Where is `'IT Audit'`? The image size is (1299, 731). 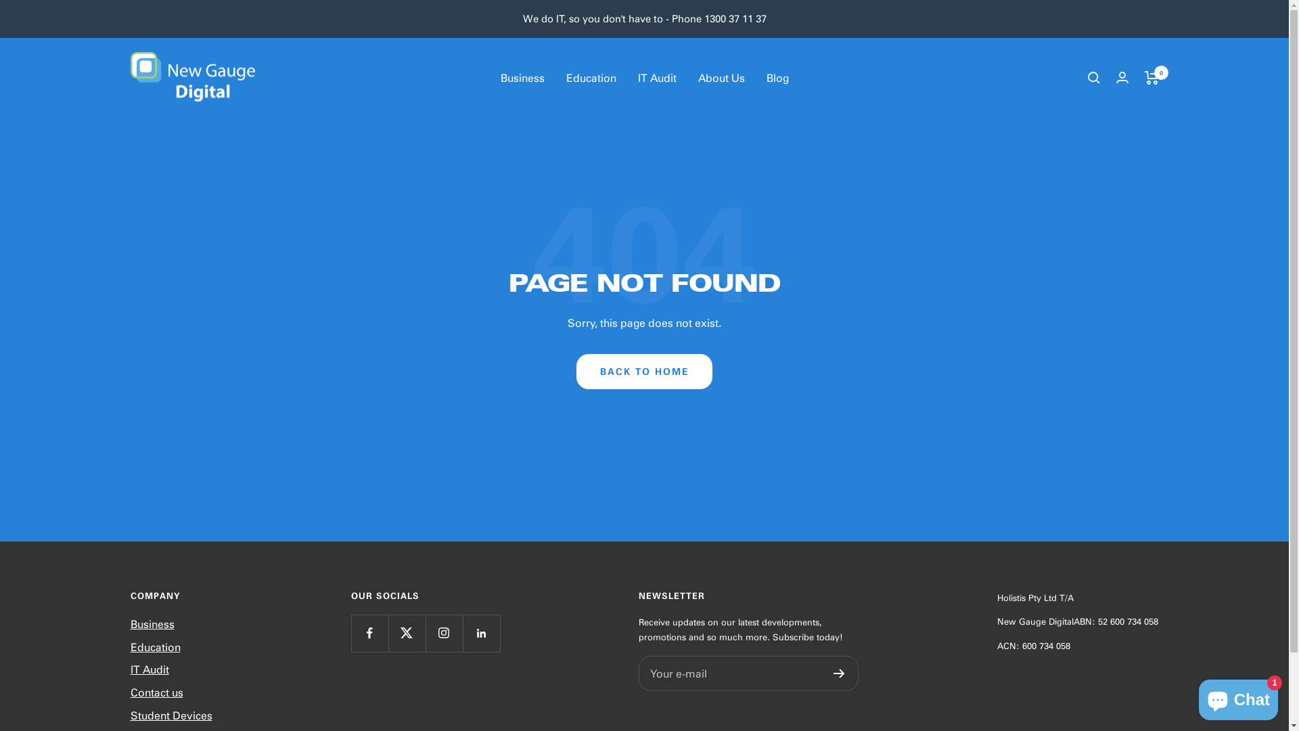 'IT Audit' is located at coordinates (656, 78).